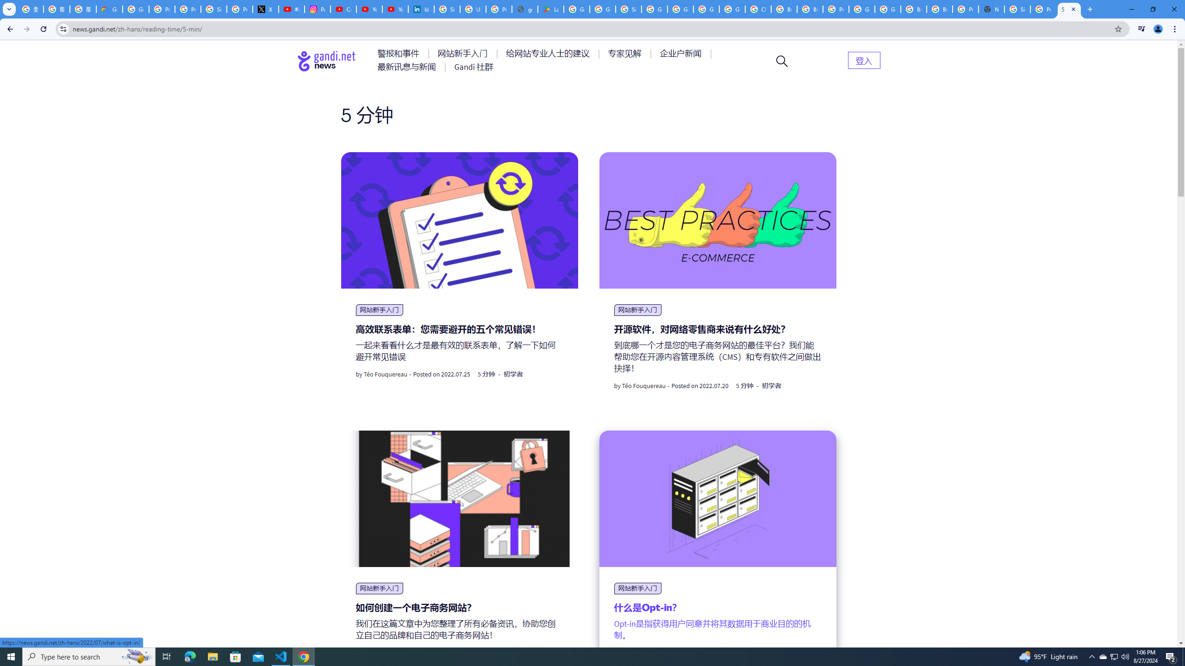 This screenshot has width=1185, height=666. What do you see at coordinates (550, 9) in the screenshot?
I see `'Last Shelter: Survival - Apps on Google Play'` at bounding box center [550, 9].